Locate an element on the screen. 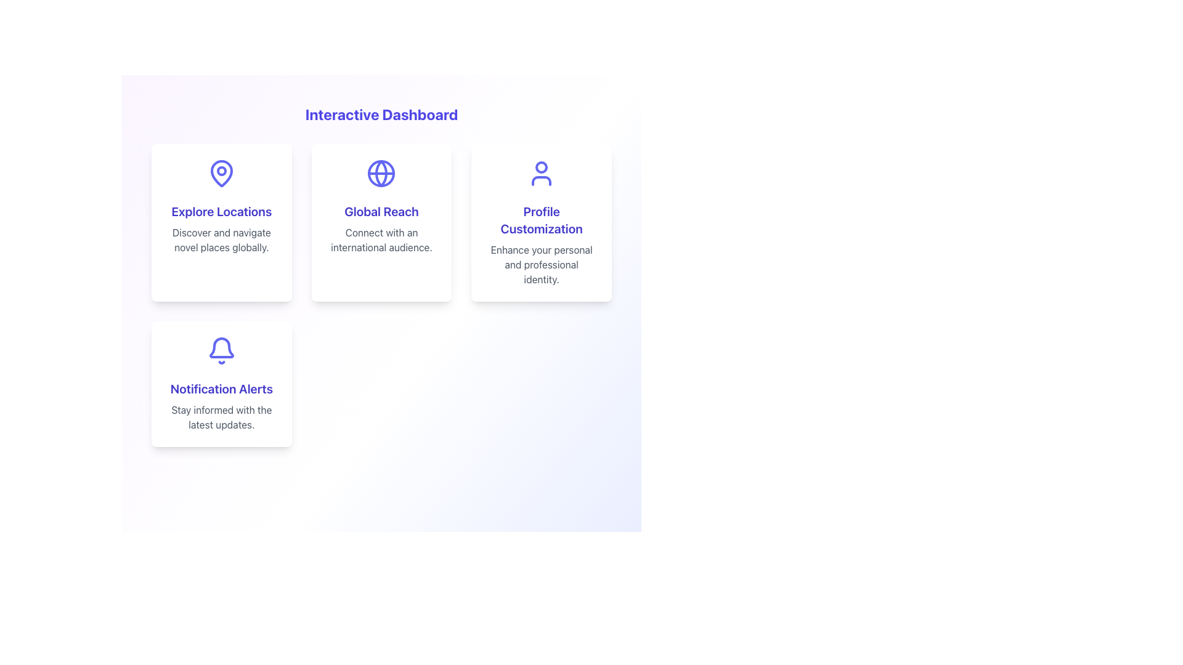 The image size is (1183, 665). the 'Profile Customization' card, which features a user icon at the top and a bold purple title below it is located at coordinates (542, 223).